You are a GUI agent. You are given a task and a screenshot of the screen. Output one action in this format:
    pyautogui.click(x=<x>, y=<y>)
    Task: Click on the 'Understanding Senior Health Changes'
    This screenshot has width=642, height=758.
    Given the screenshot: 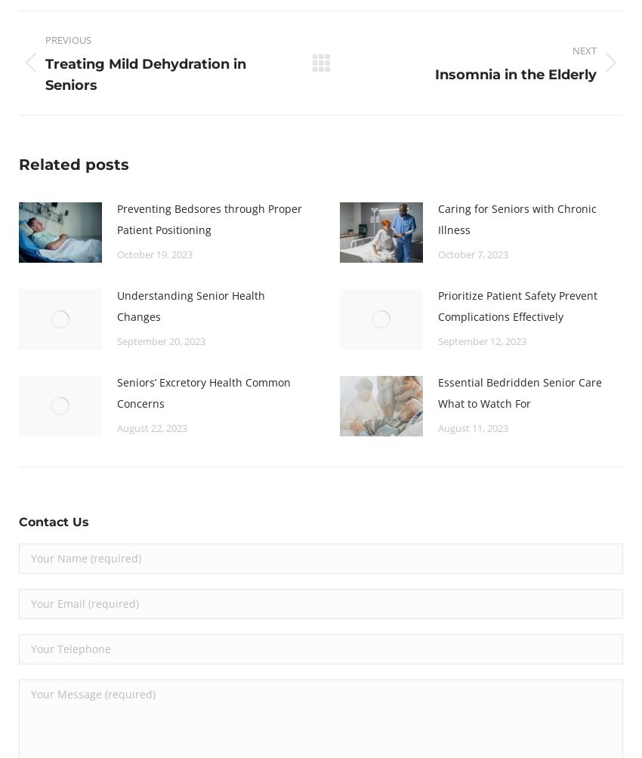 What is the action you would take?
    pyautogui.click(x=190, y=304)
    